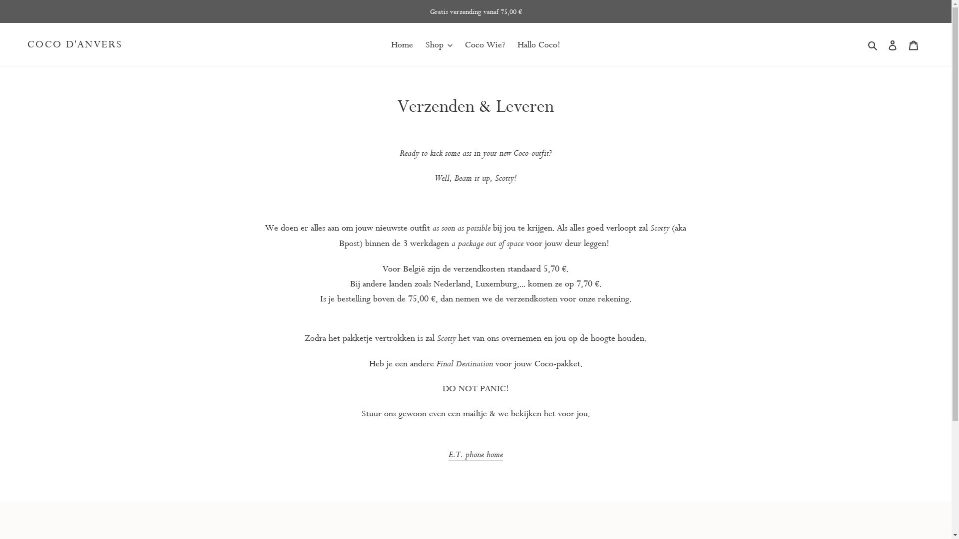 This screenshot has width=959, height=539. I want to click on 'Hallo Coco!', so click(538, 43).